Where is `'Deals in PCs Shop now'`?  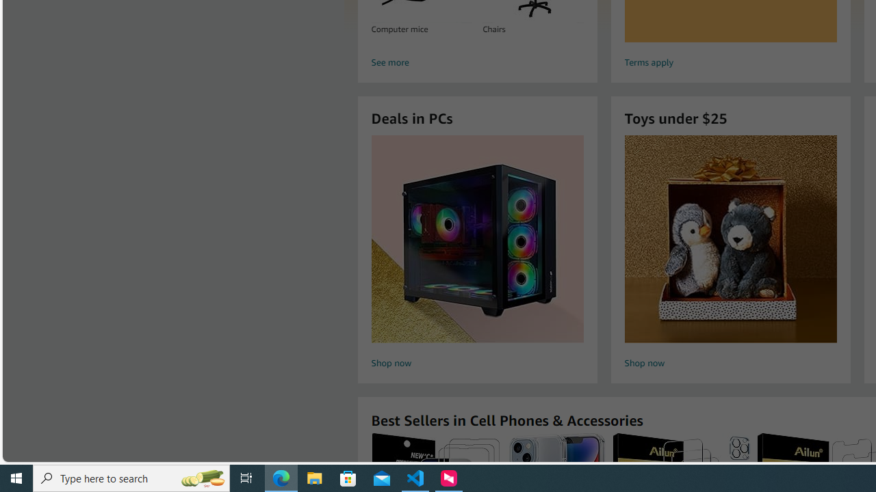
'Deals in PCs Shop now' is located at coordinates (477, 254).